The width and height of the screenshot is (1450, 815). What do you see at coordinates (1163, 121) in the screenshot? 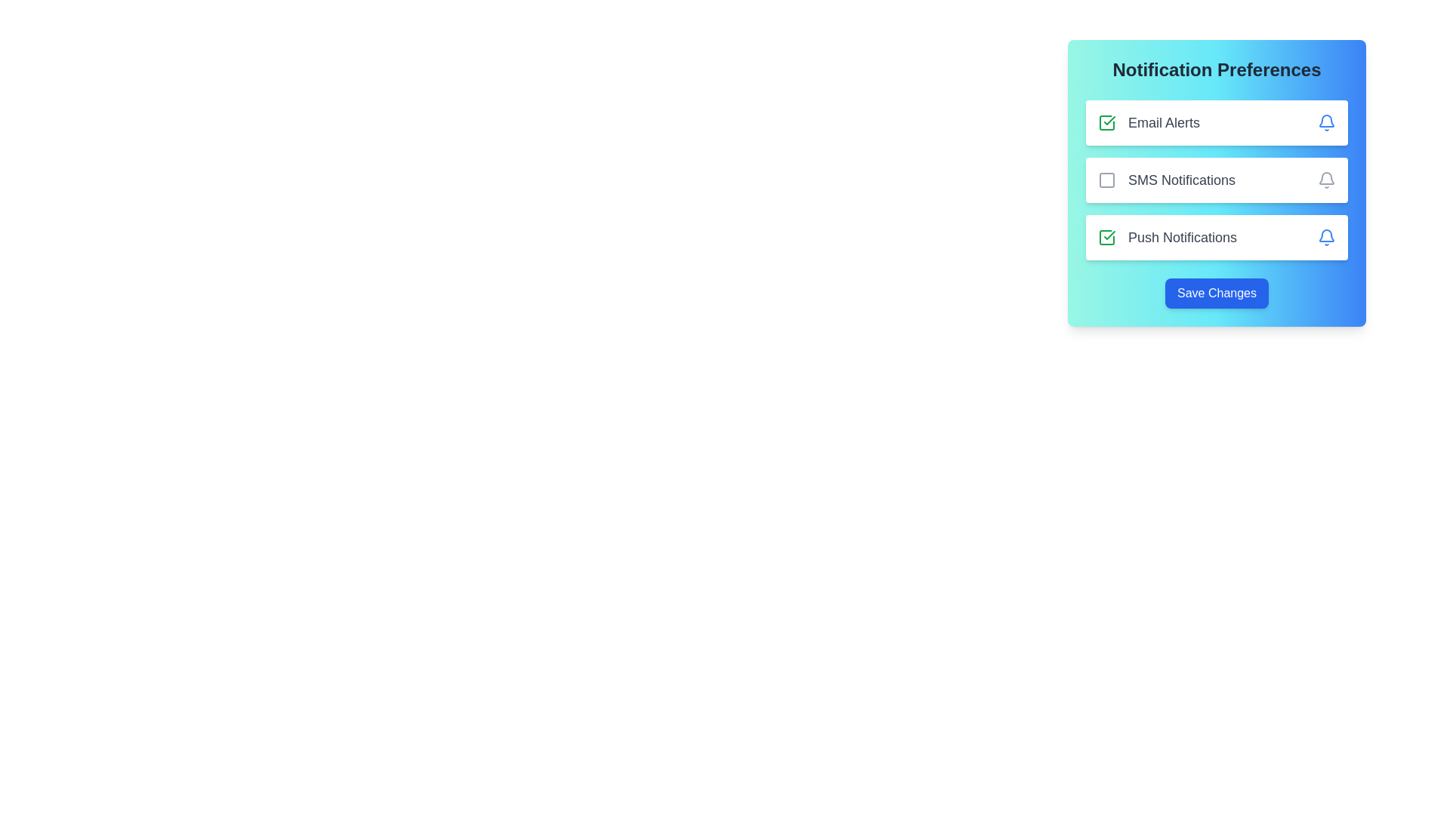
I see `the 'Email Alerts' text label, which is styled with gray color, medium font size, and bold appearance, located in the notification preferences section of the UI card` at bounding box center [1163, 121].